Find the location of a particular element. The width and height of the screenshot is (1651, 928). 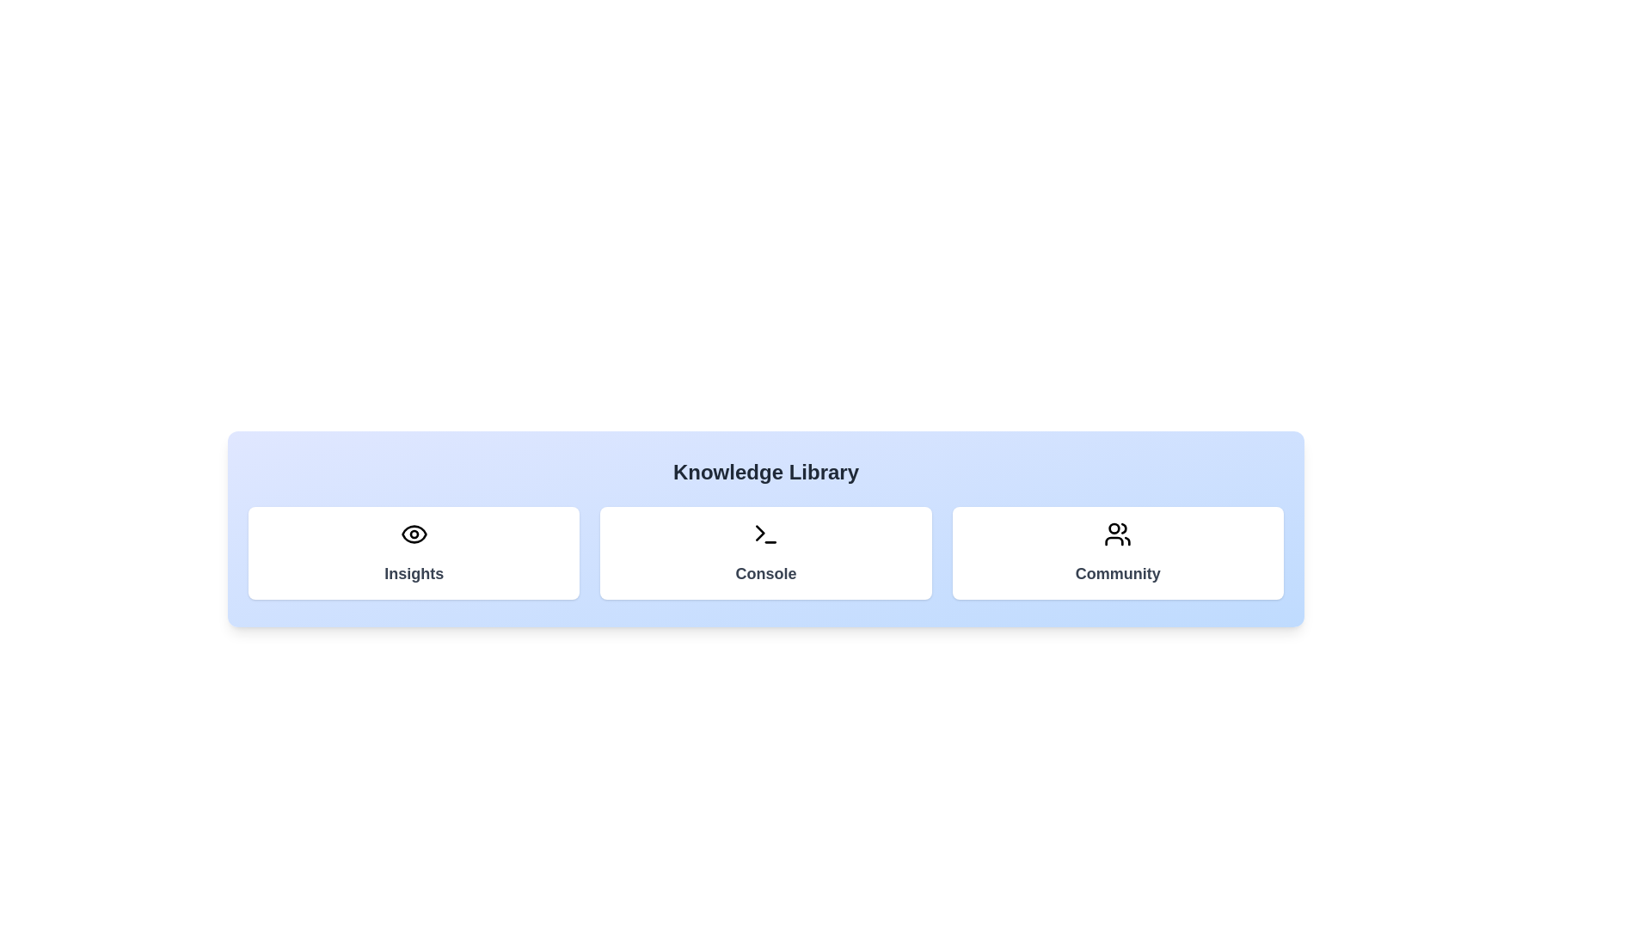

the chevron arrow icon located in the middle box labeled 'Console' under the Knowledge Library section, which is positioned to the left of a horizontal line segment is located at coordinates (759, 532).